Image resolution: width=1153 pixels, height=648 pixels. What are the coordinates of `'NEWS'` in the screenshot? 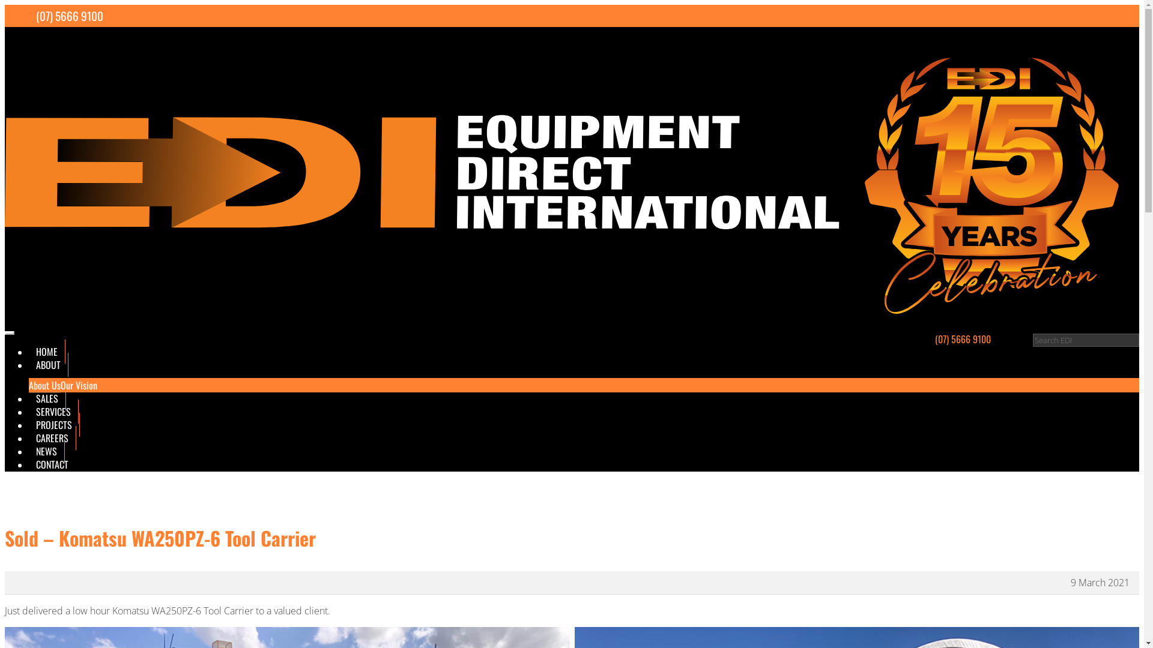 It's located at (46, 451).